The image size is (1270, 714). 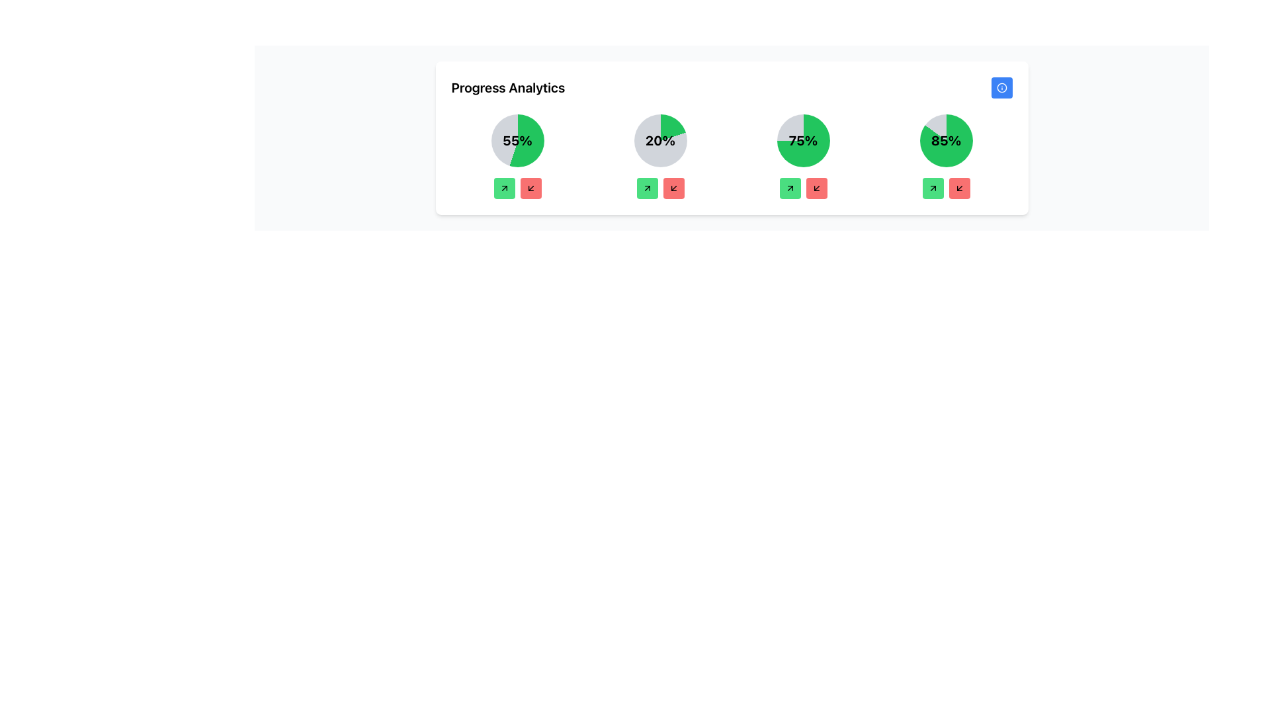 I want to click on the leftmost button in the button group under the progress chart at 75%, which features a green upward-right-pointing arrow, so click(x=790, y=188).